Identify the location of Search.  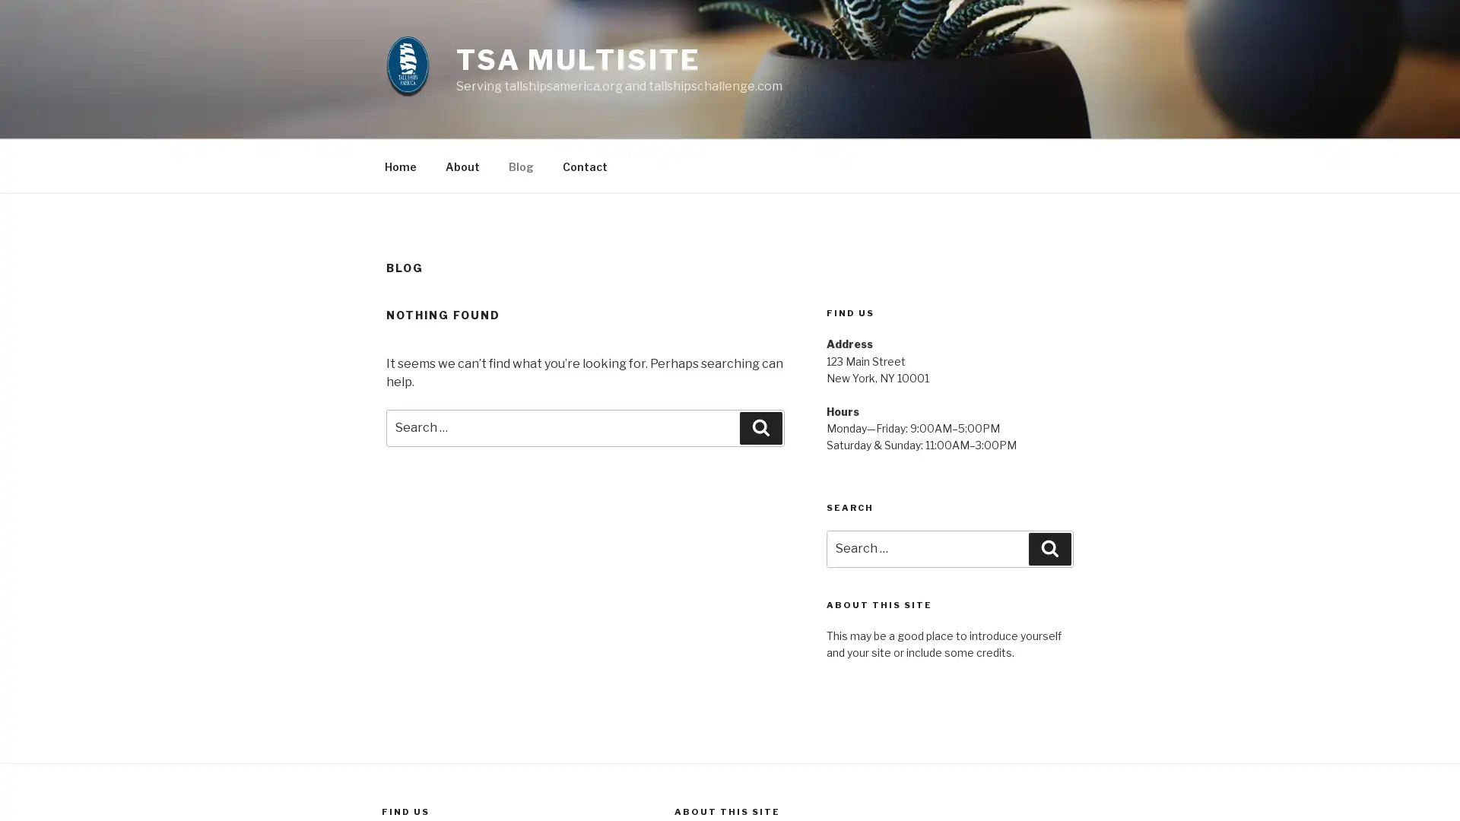
(1049, 548).